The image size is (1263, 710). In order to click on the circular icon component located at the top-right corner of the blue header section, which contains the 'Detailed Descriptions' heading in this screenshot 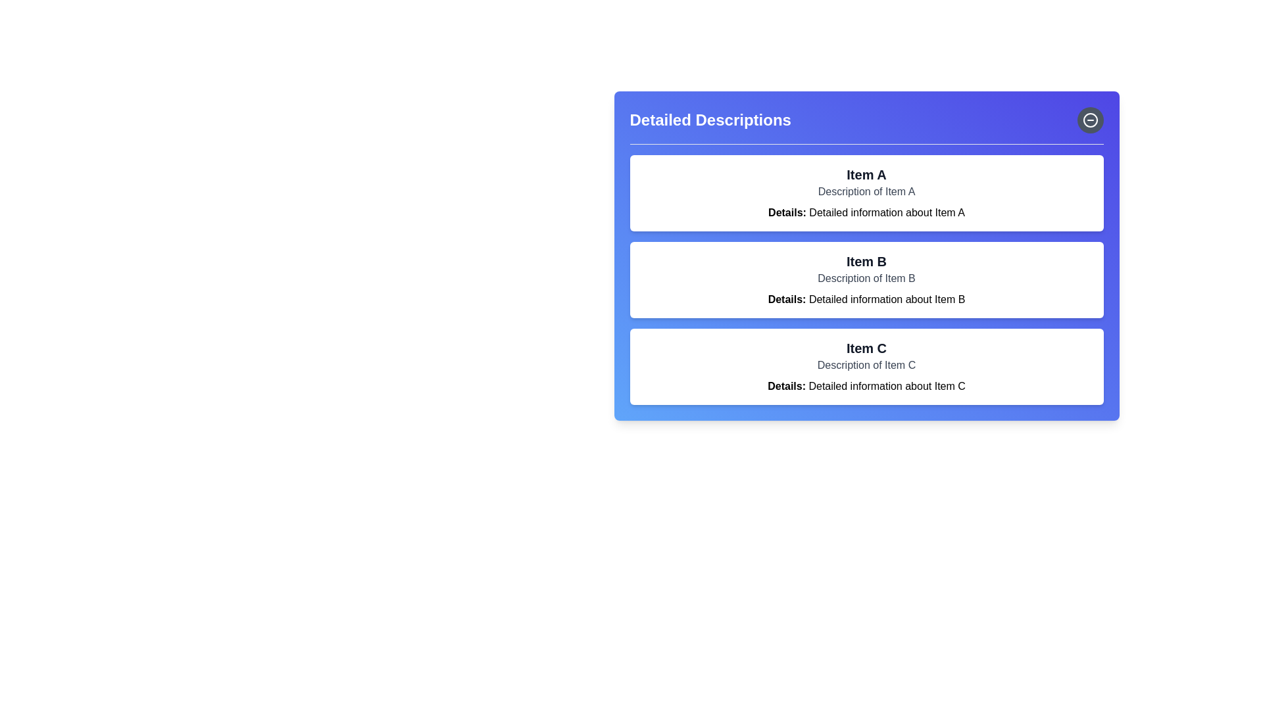, I will do `click(1090, 120)`.